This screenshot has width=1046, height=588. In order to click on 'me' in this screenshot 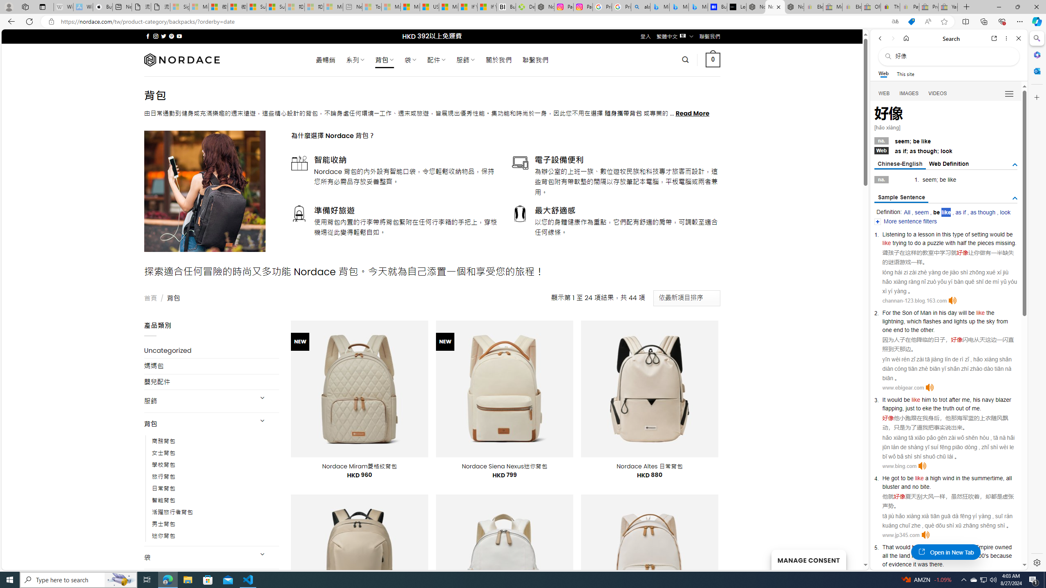, I will do `click(976, 408)`.